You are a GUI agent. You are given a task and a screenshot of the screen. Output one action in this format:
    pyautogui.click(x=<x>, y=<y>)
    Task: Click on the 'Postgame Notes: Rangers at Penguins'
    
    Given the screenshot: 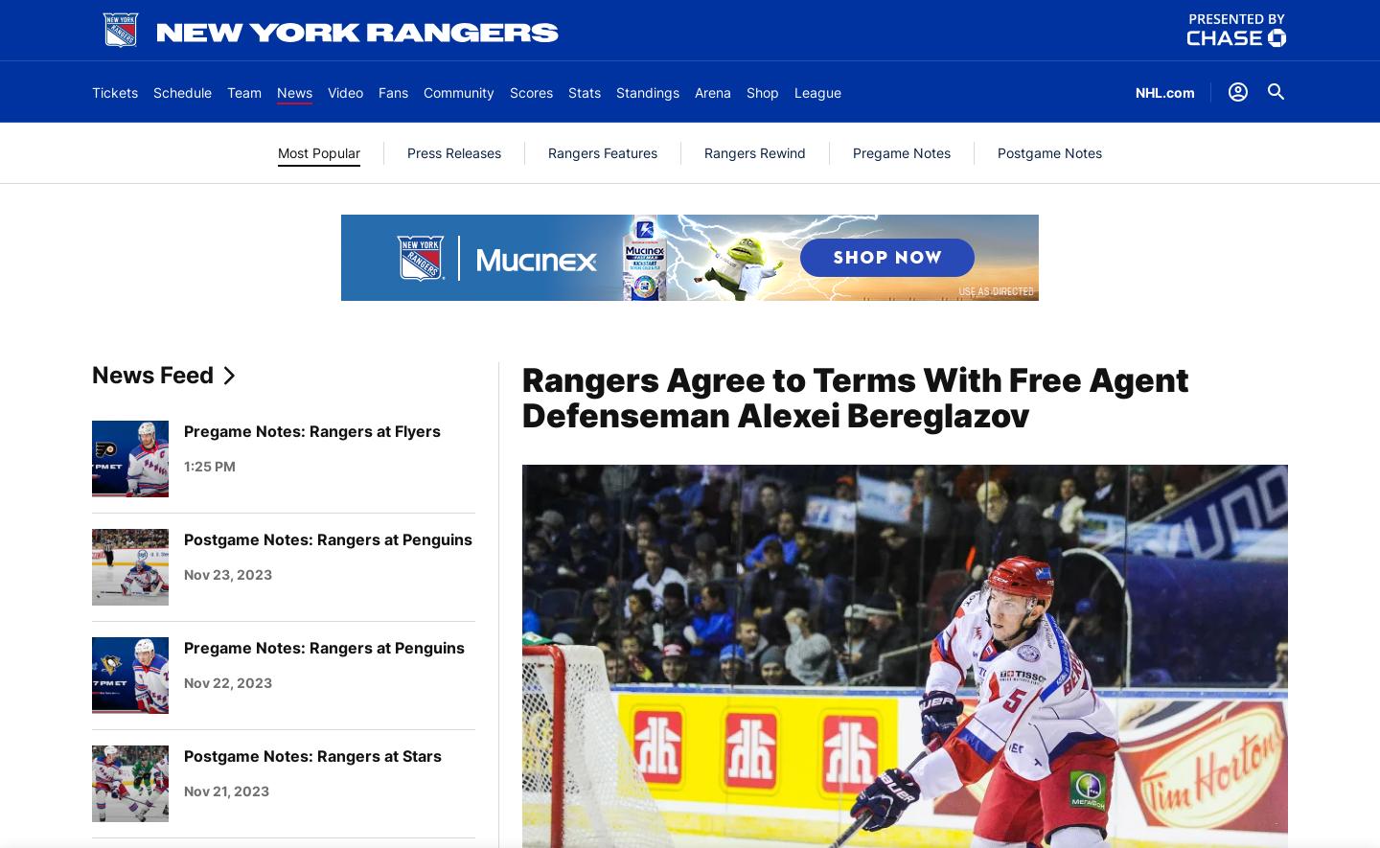 What is the action you would take?
    pyautogui.click(x=183, y=537)
    